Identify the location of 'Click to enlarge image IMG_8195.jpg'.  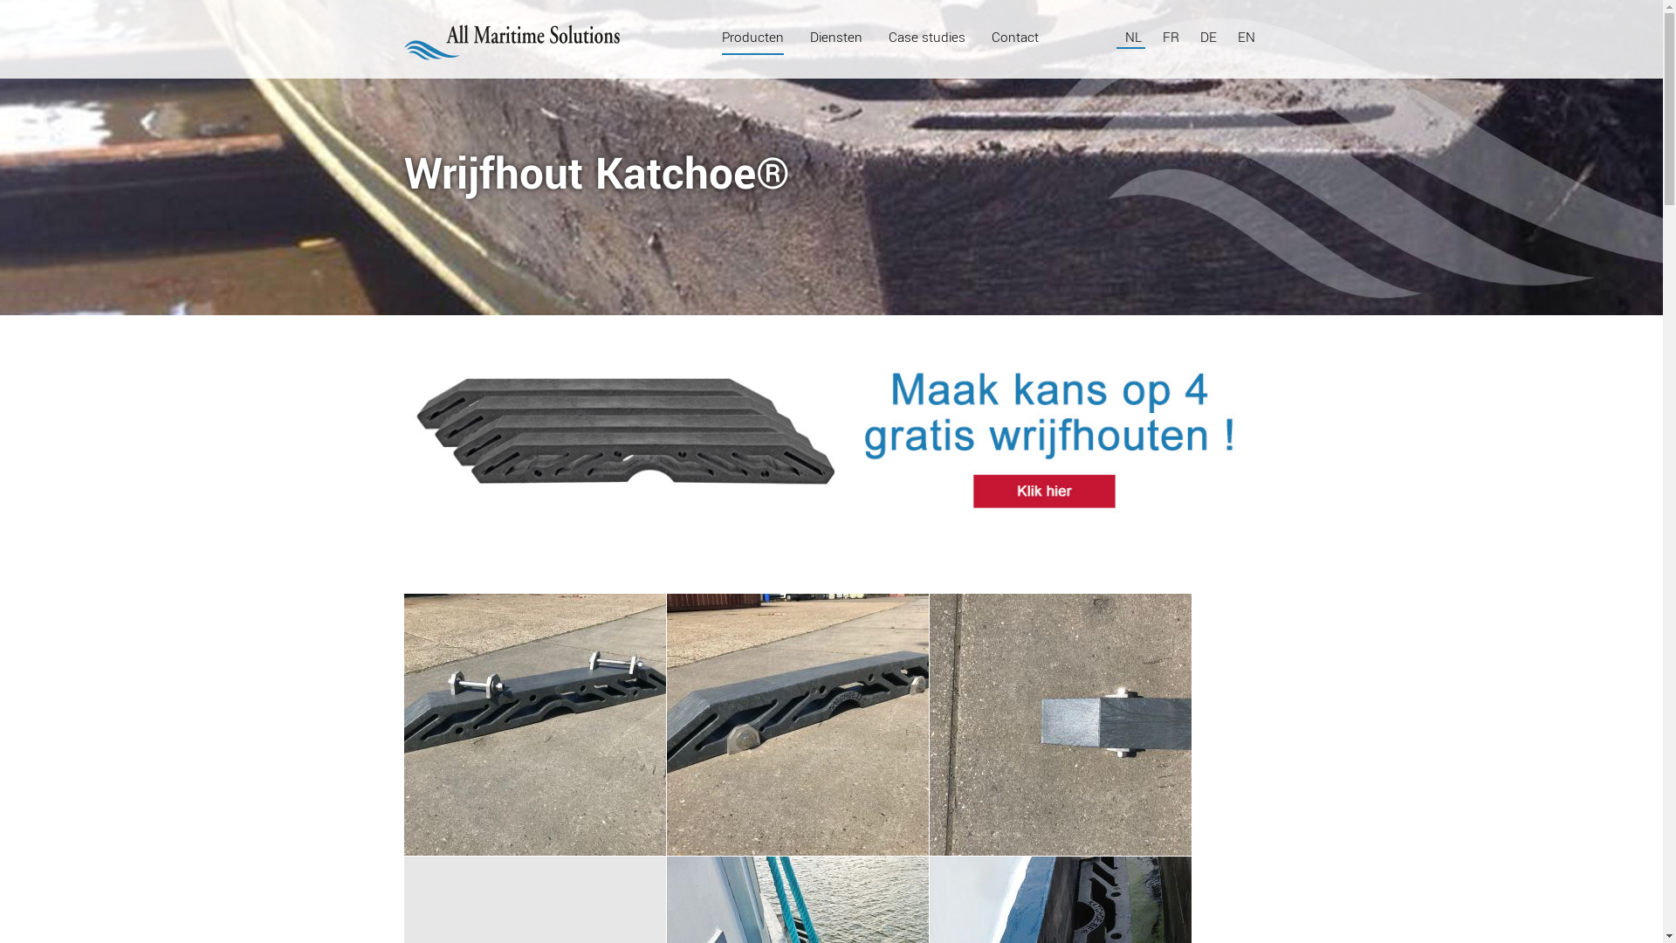
(1059, 724).